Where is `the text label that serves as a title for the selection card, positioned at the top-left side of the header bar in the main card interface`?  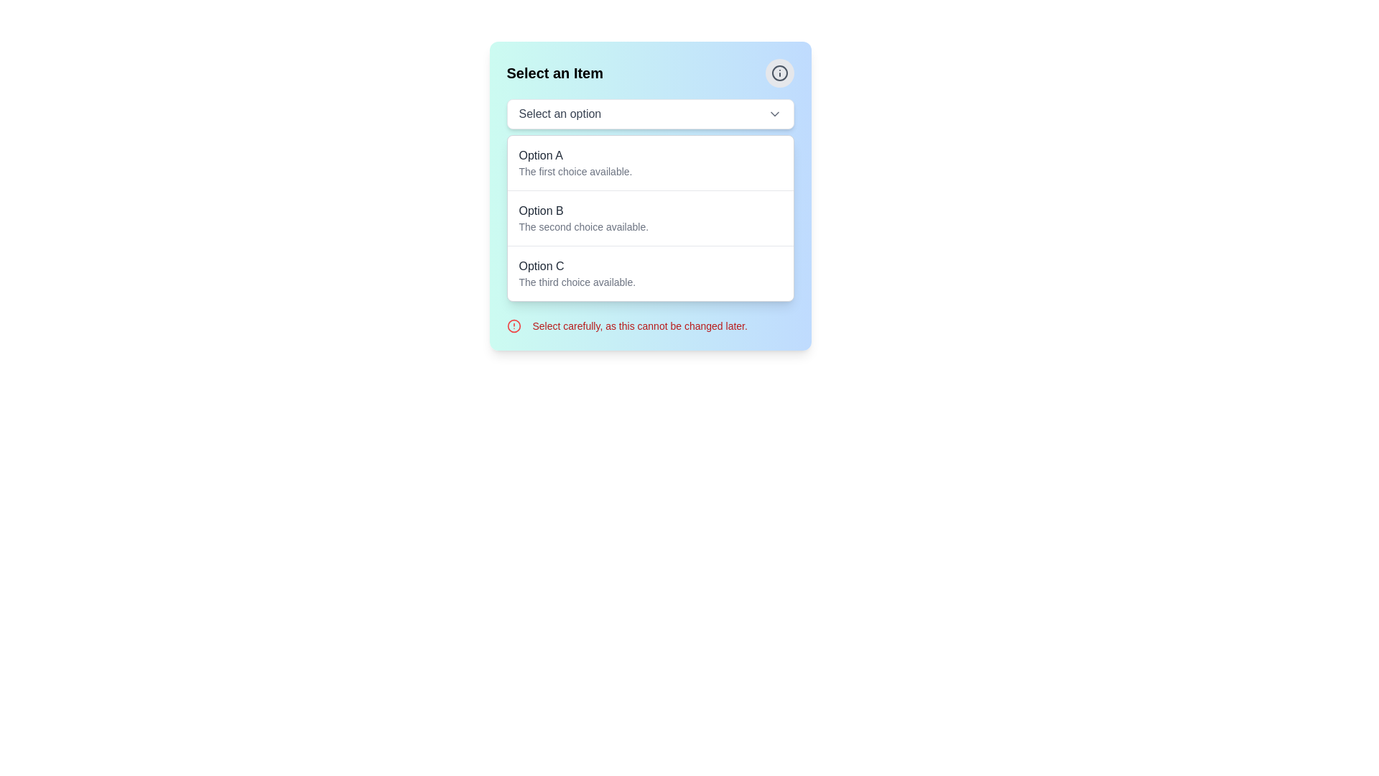 the text label that serves as a title for the selection card, positioned at the top-left side of the header bar in the main card interface is located at coordinates (554, 73).